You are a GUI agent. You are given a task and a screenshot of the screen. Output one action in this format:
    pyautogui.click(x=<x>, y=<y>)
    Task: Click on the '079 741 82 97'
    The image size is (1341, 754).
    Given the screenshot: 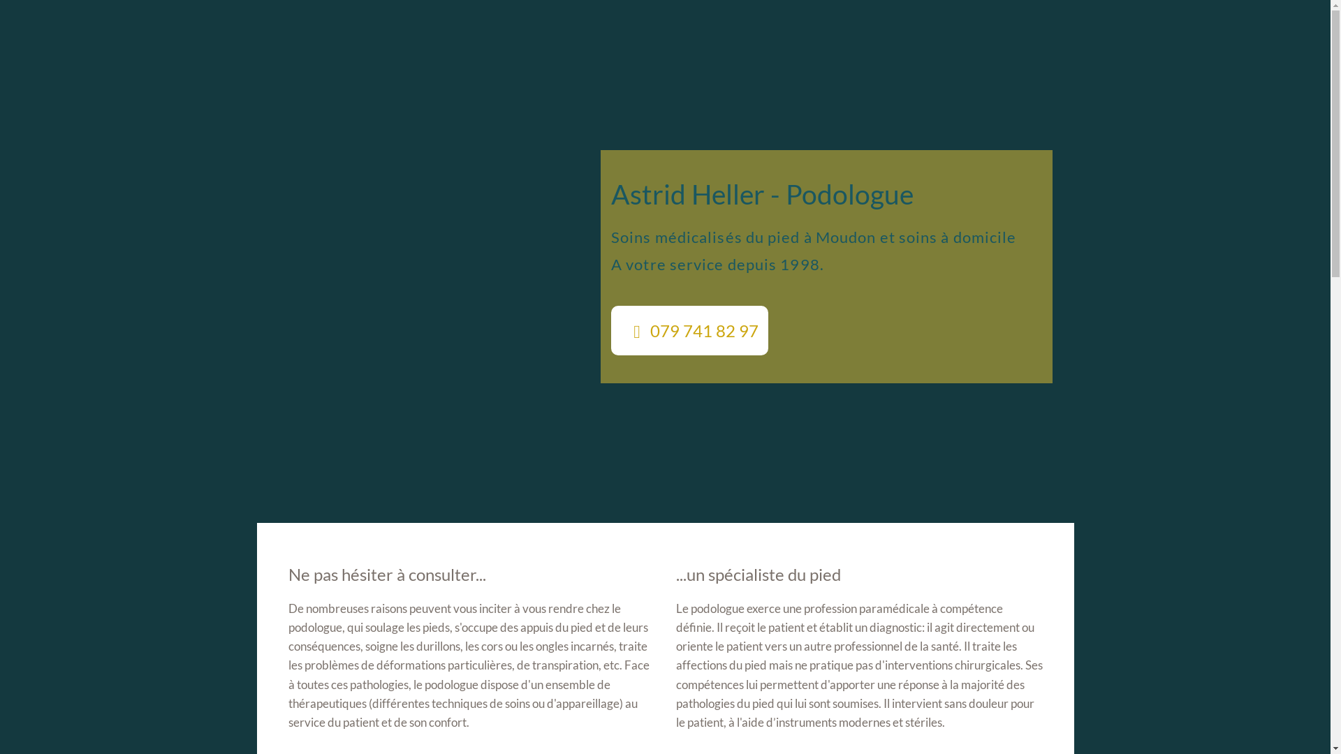 What is the action you would take?
    pyautogui.click(x=689, y=330)
    